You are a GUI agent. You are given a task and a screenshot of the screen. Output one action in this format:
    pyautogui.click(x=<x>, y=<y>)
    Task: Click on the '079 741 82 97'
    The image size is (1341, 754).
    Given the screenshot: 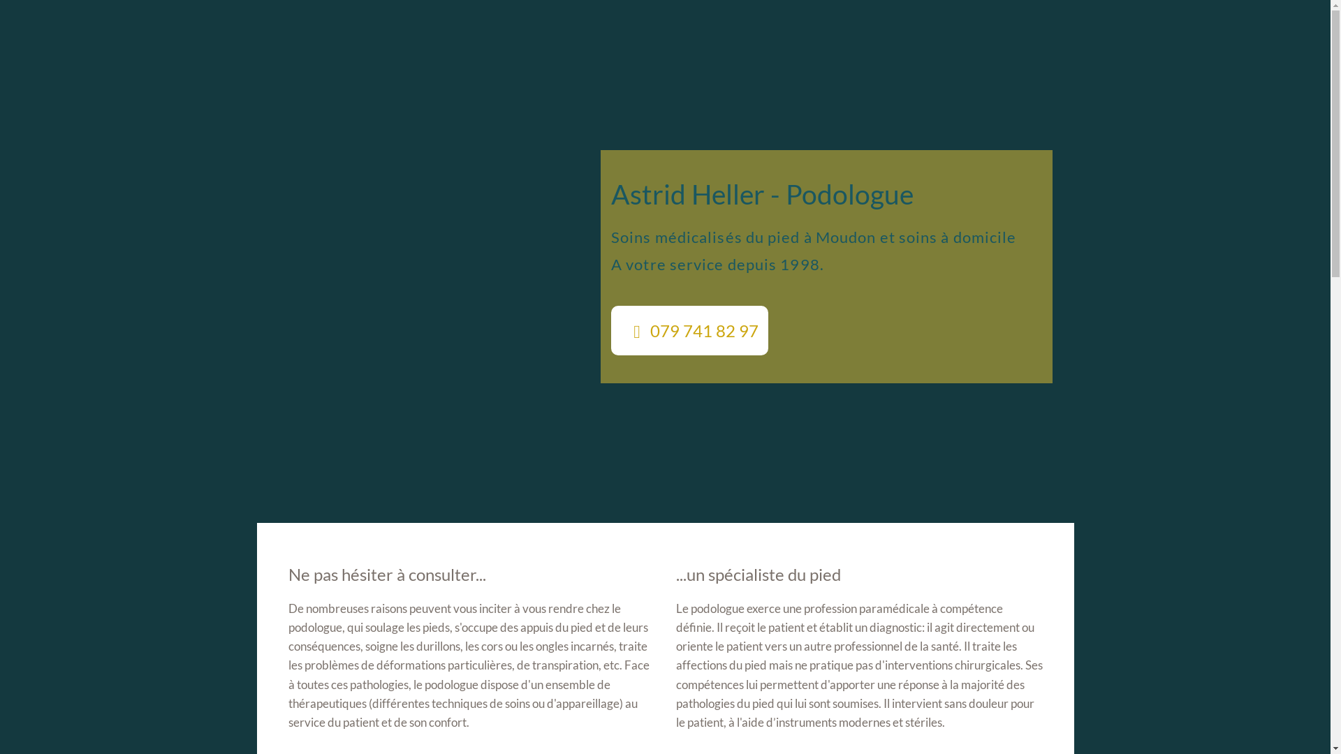 What is the action you would take?
    pyautogui.click(x=689, y=330)
    